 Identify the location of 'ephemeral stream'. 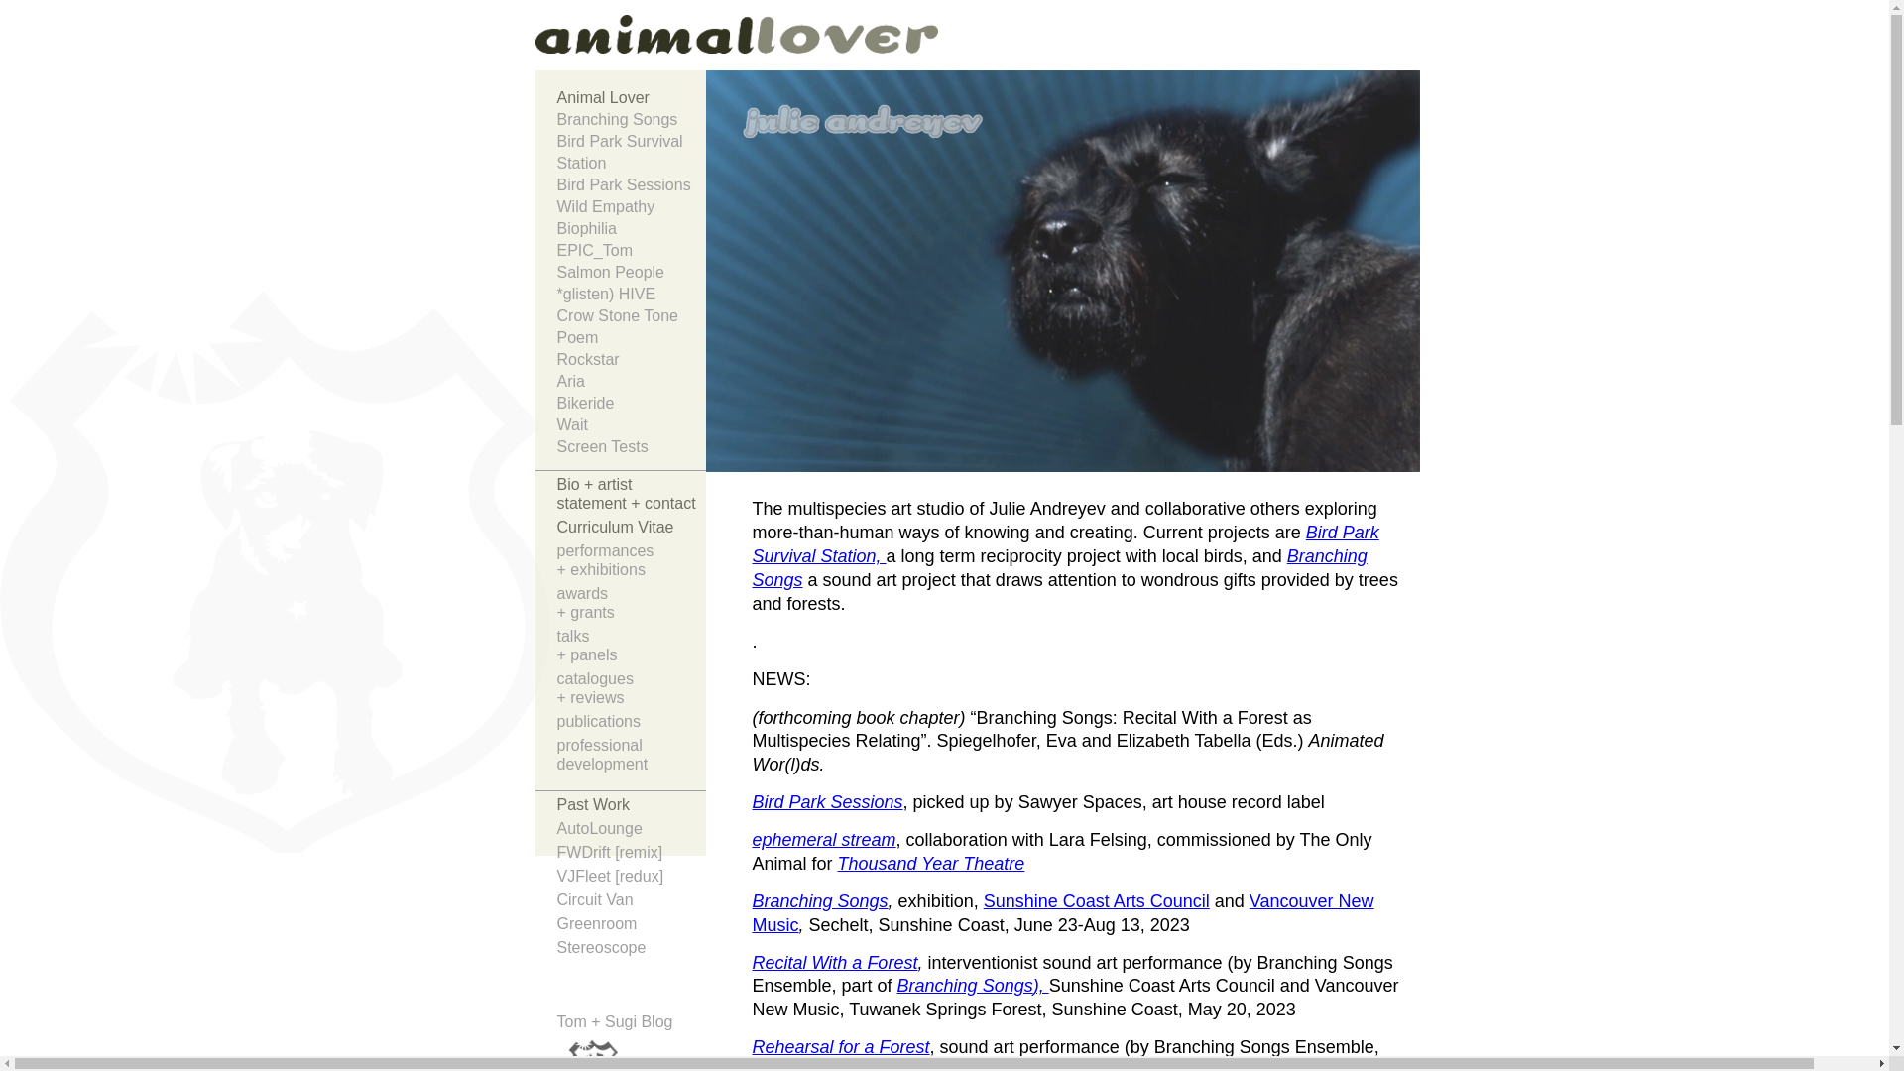
(823, 840).